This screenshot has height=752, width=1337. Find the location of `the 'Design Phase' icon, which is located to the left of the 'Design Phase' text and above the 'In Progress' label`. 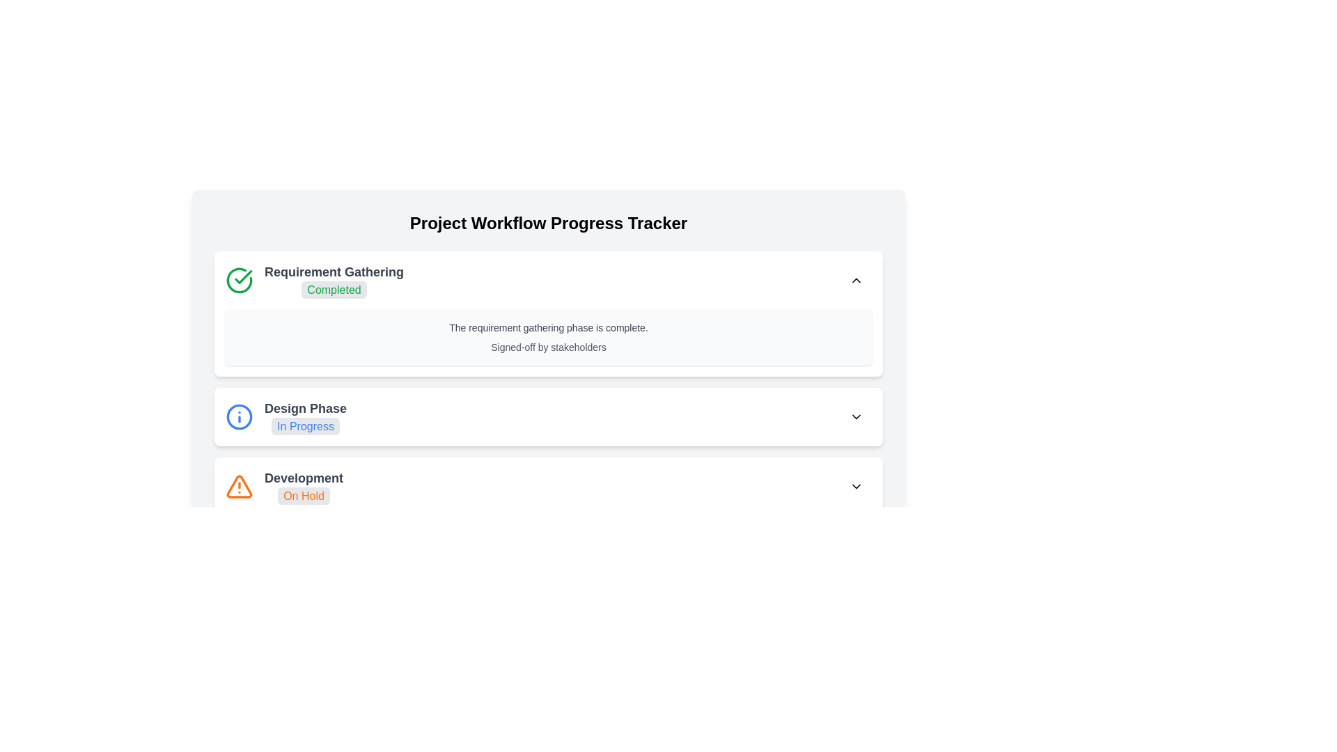

the 'Design Phase' icon, which is located to the left of the 'Design Phase' text and above the 'In Progress' label is located at coordinates (240, 416).